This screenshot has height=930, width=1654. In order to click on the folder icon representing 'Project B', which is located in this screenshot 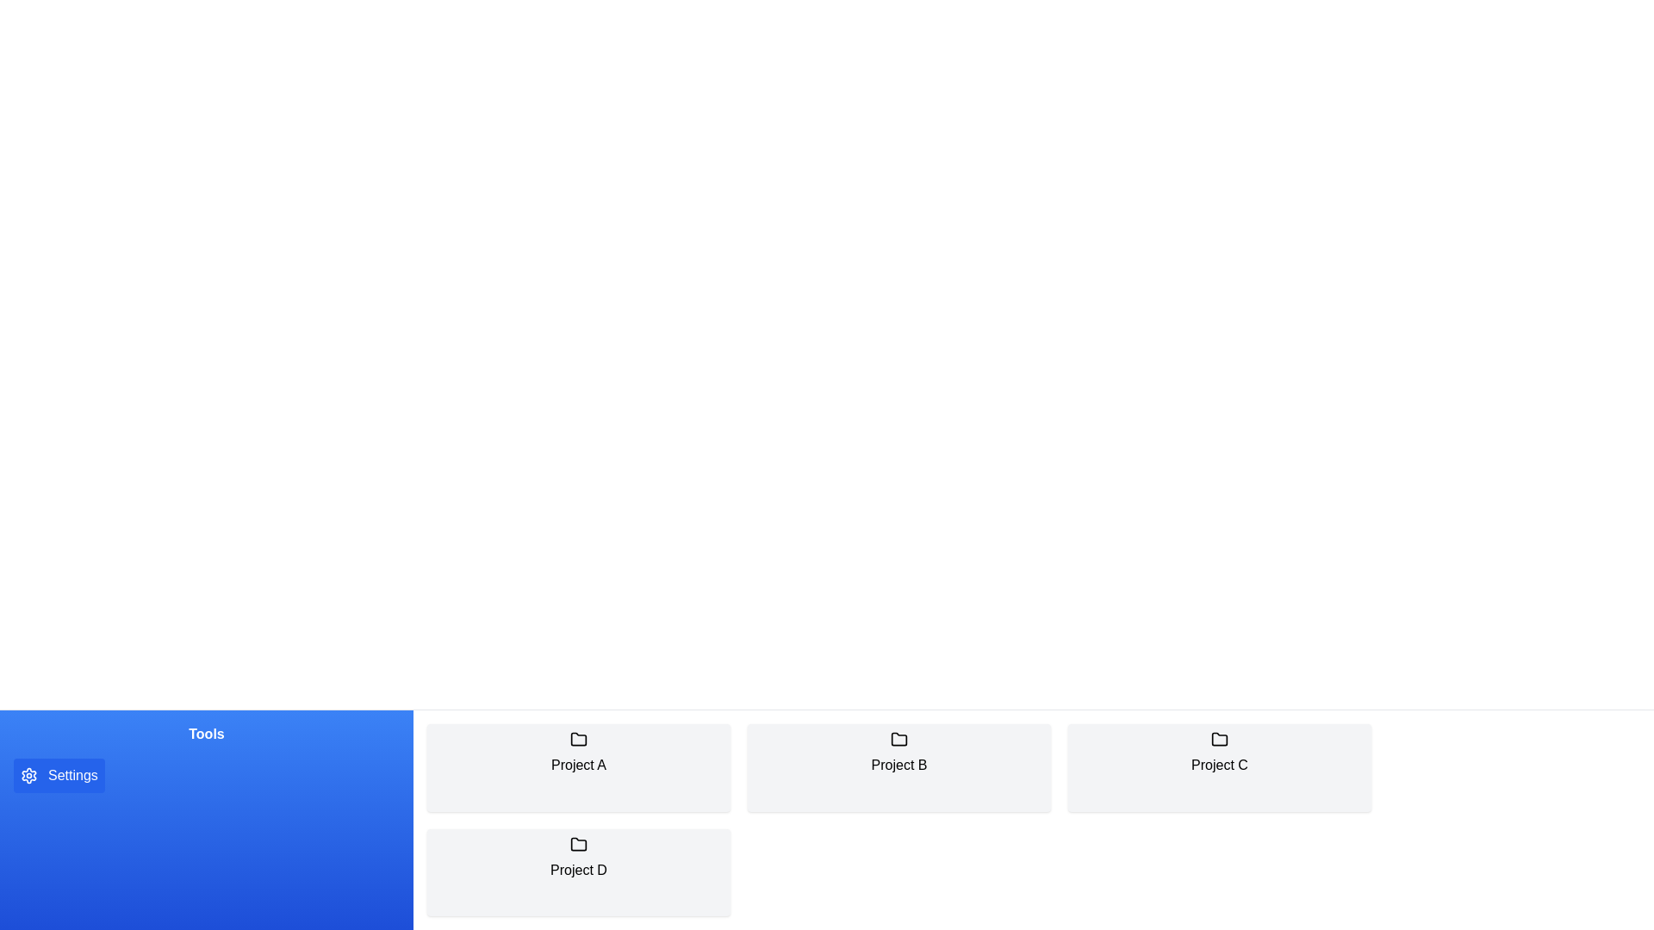, I will do `click(898, 737)`.